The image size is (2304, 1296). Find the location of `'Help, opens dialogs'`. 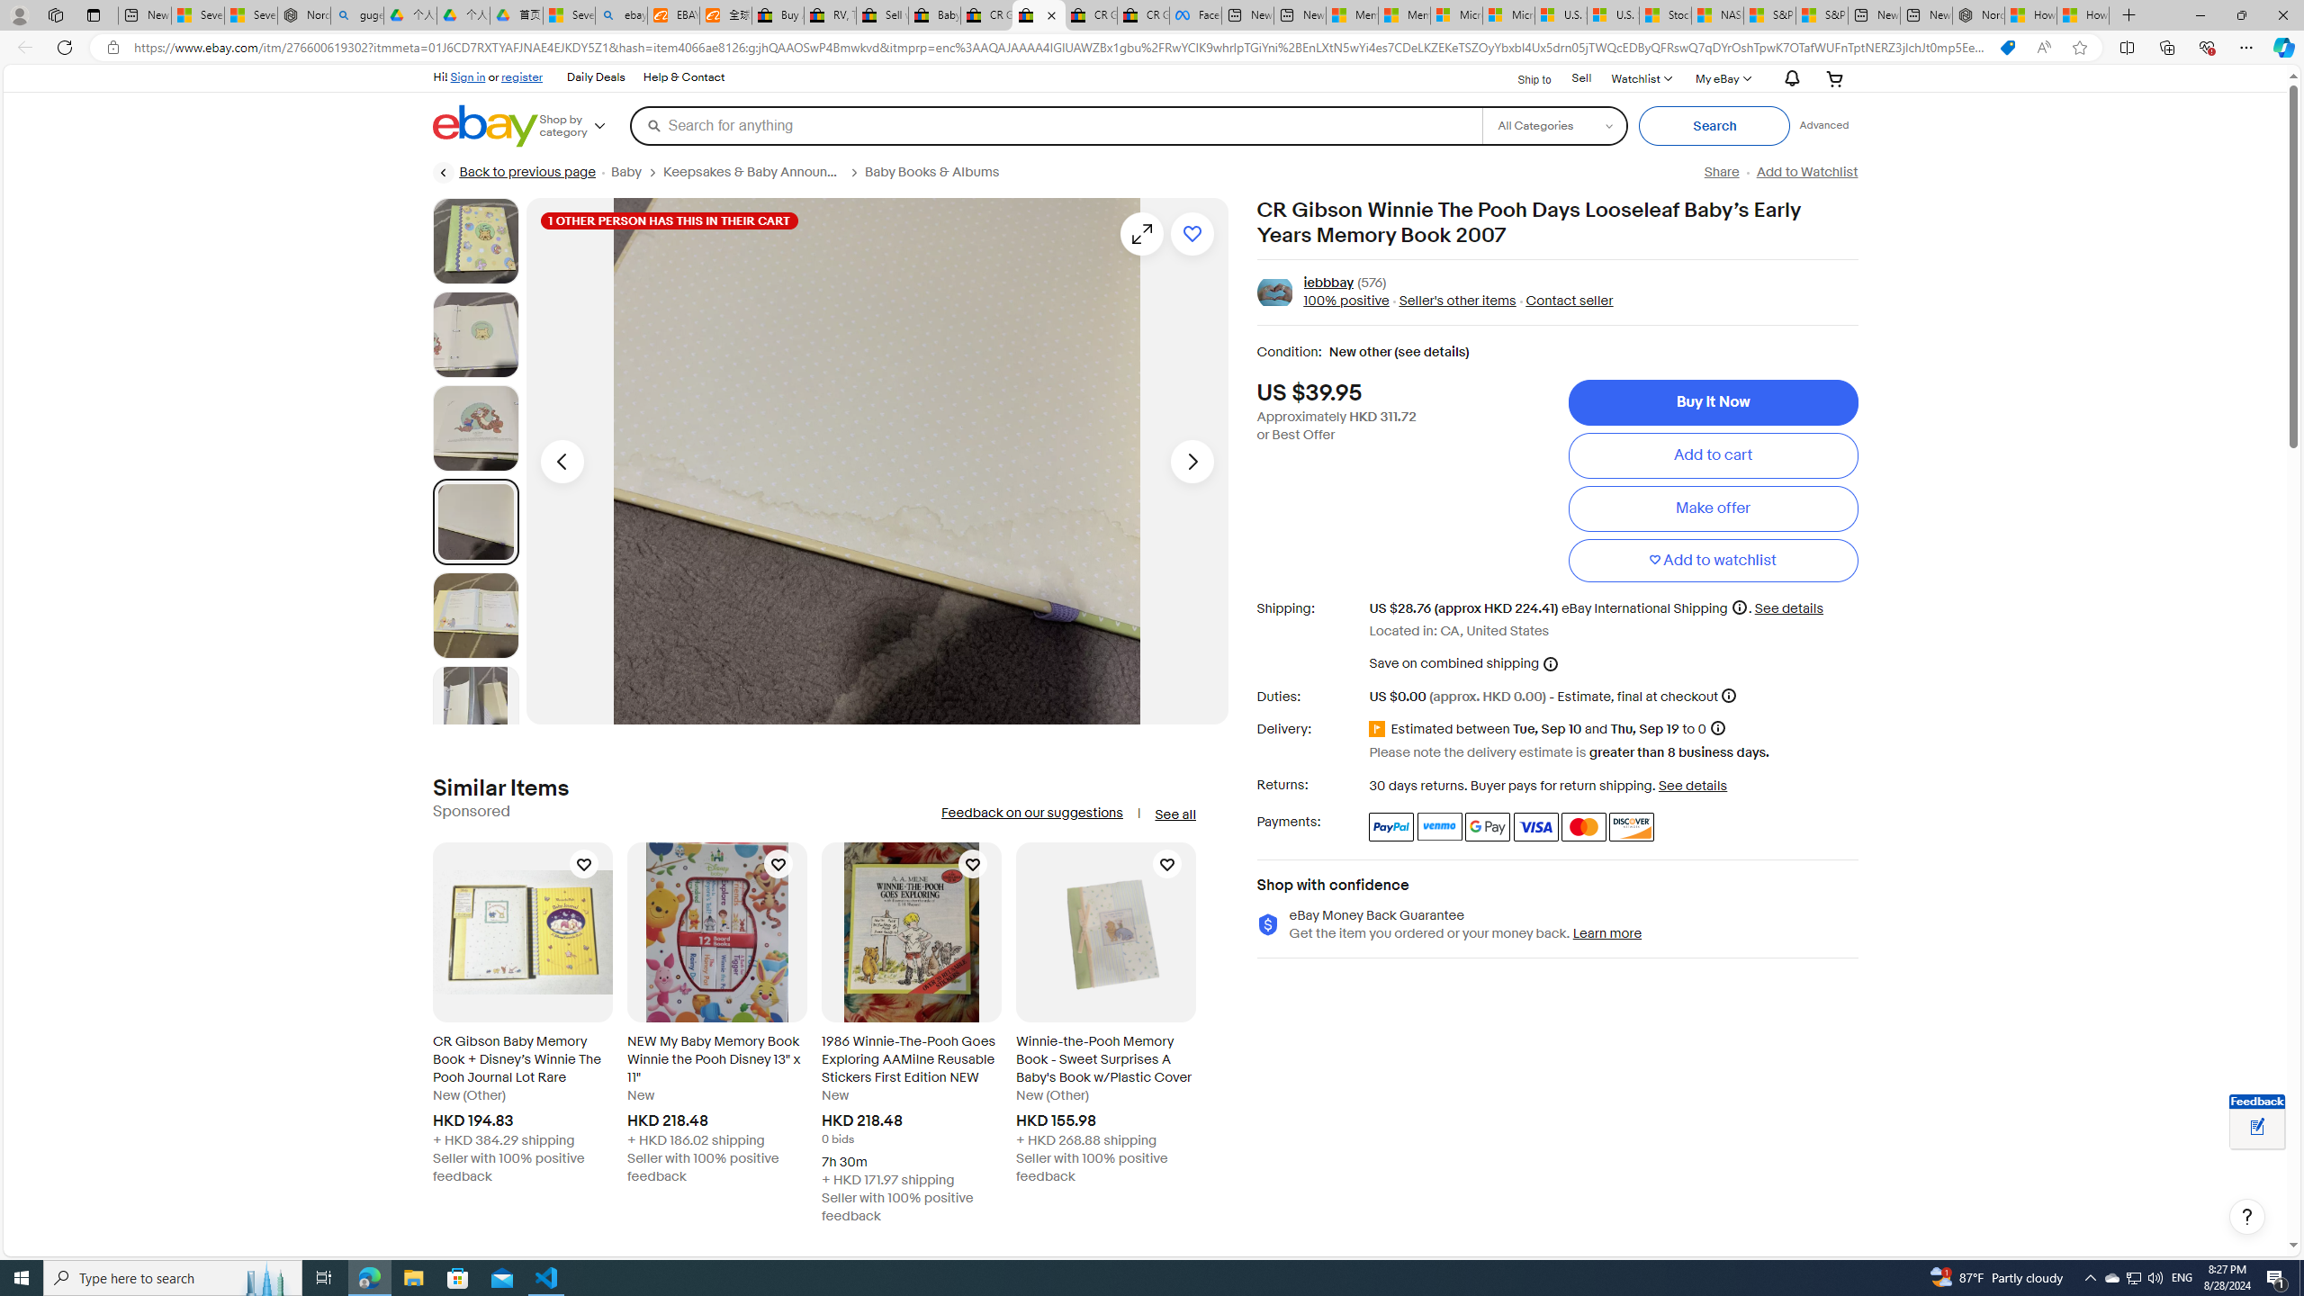

'Help, opens dialogs' is located at coordinates (2246, 1216).